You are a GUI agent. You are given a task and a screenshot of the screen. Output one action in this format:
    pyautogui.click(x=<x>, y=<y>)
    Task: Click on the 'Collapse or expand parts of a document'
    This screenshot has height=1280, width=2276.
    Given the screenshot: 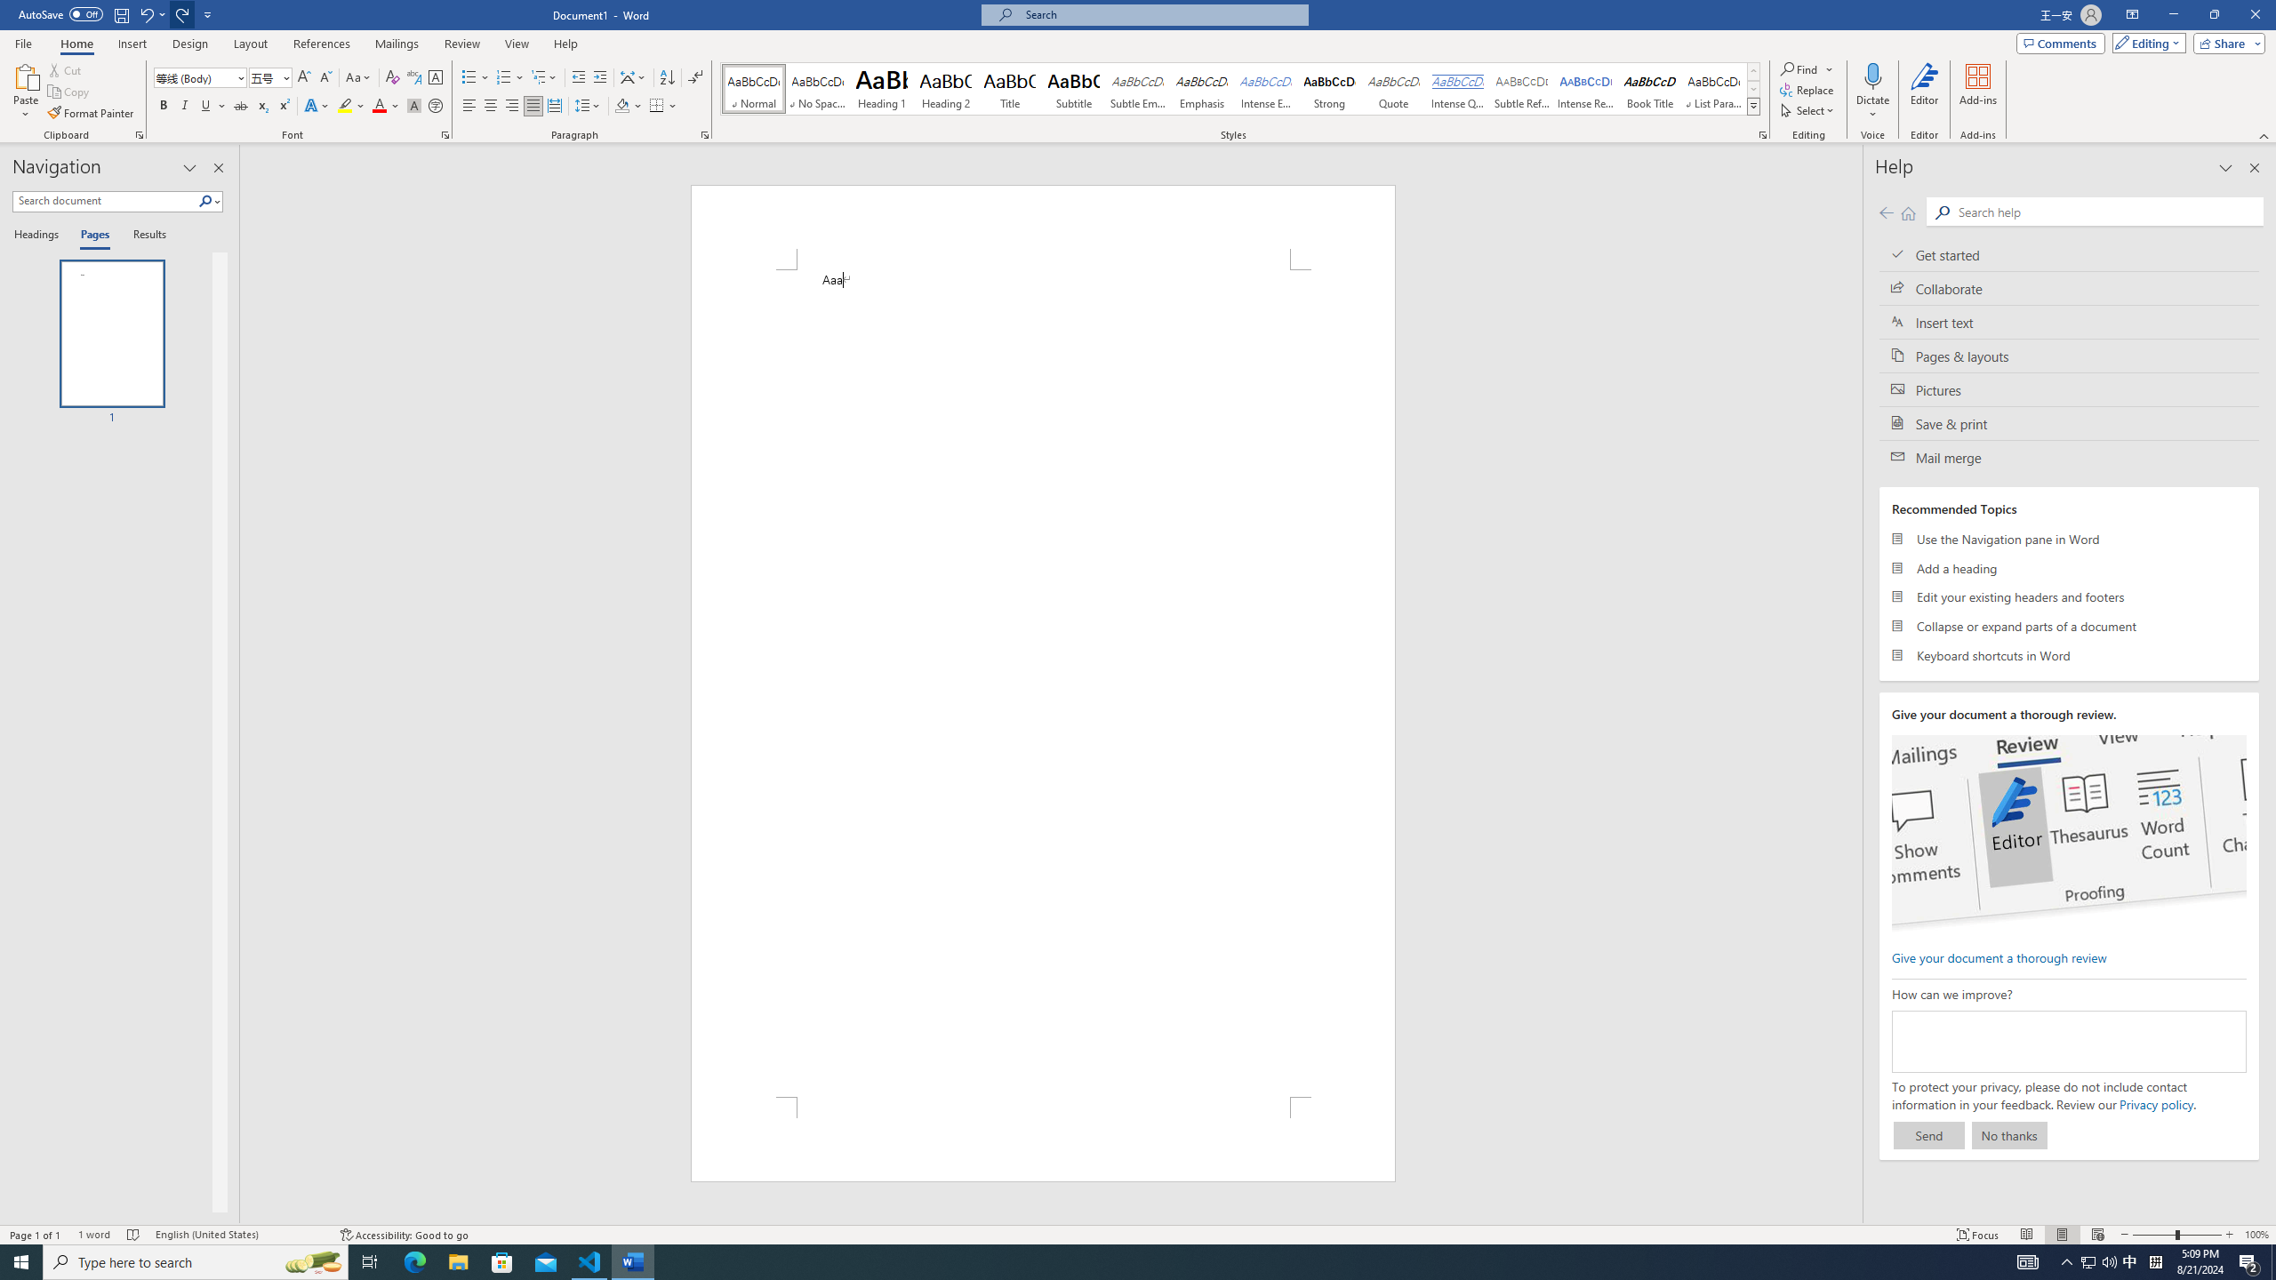 What is the action you would take?
    pyautogui.click(x=2069, y=626)
    